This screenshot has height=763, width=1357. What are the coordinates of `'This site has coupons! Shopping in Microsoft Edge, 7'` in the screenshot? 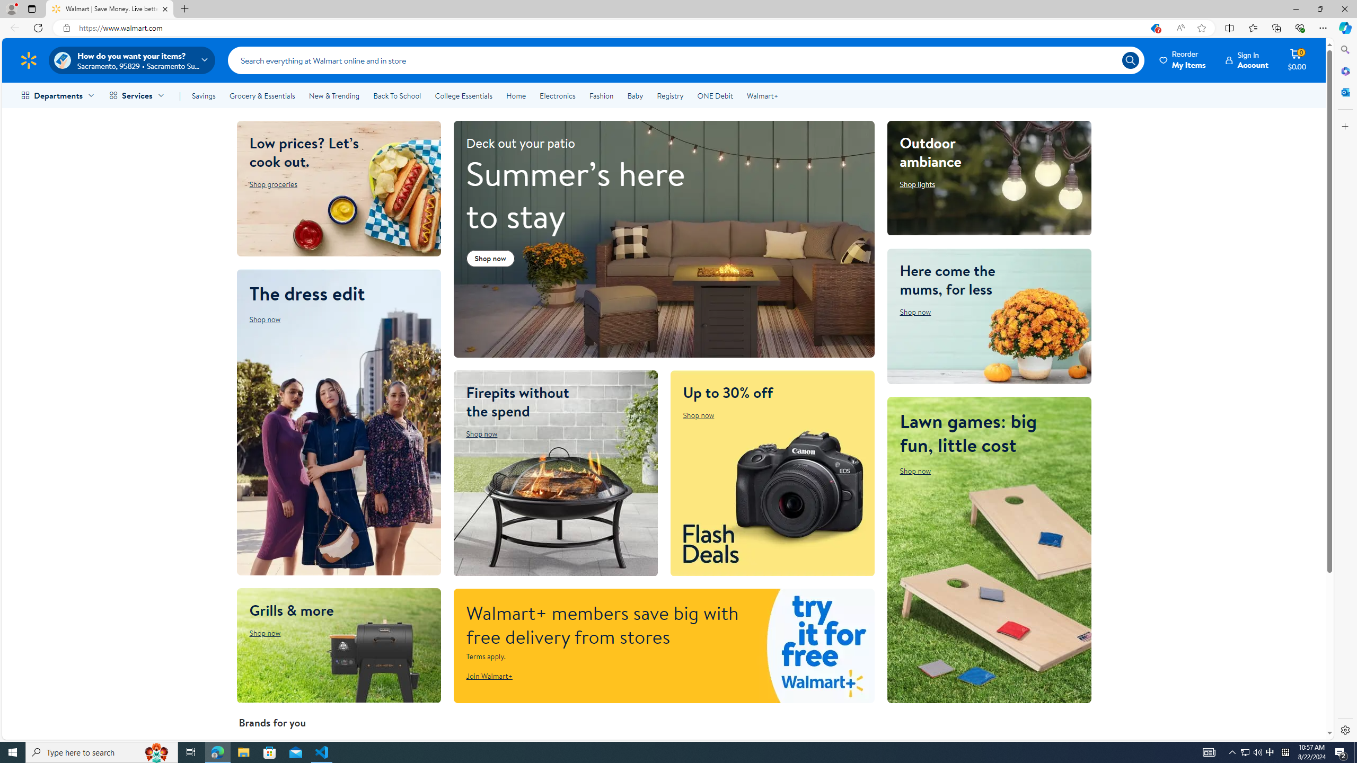 It's located at (1154, 28).